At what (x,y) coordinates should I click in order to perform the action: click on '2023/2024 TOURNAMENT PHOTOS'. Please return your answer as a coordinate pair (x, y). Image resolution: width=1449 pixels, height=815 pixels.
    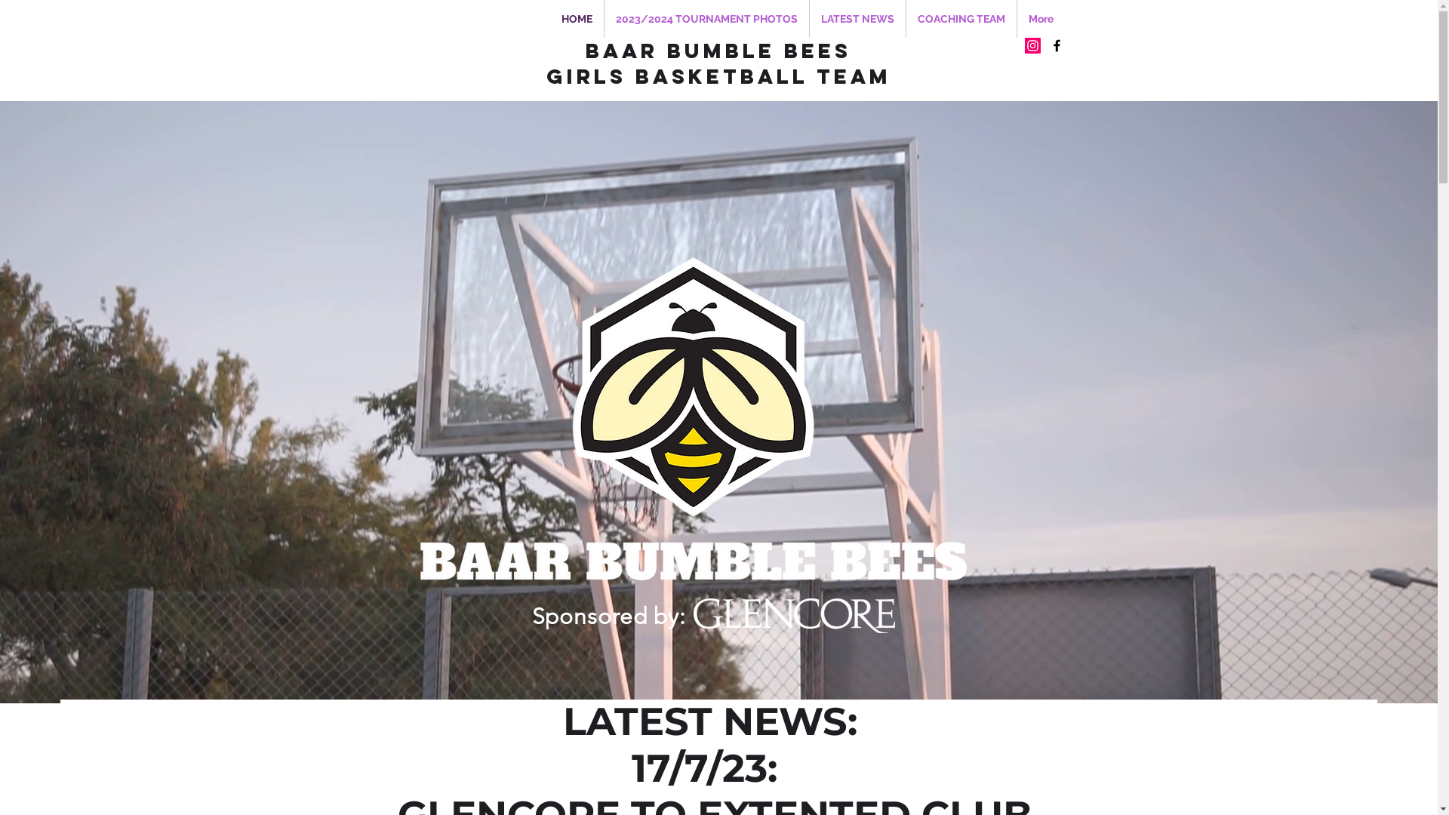
    Looking at the image, I should click on (604, 18).